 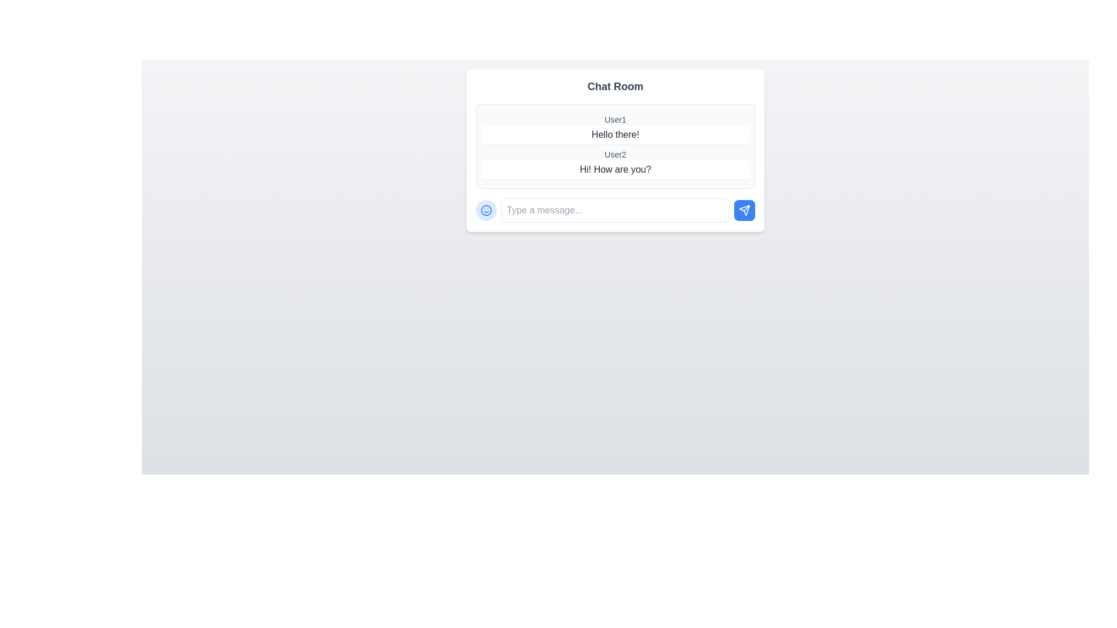 I want to click on the text display field containing 'Hello there!' which is styled in a rounded rectangle with a white background and dark gray text, located below the 'User1' element in the chat interface, so click(x=614, y=134).